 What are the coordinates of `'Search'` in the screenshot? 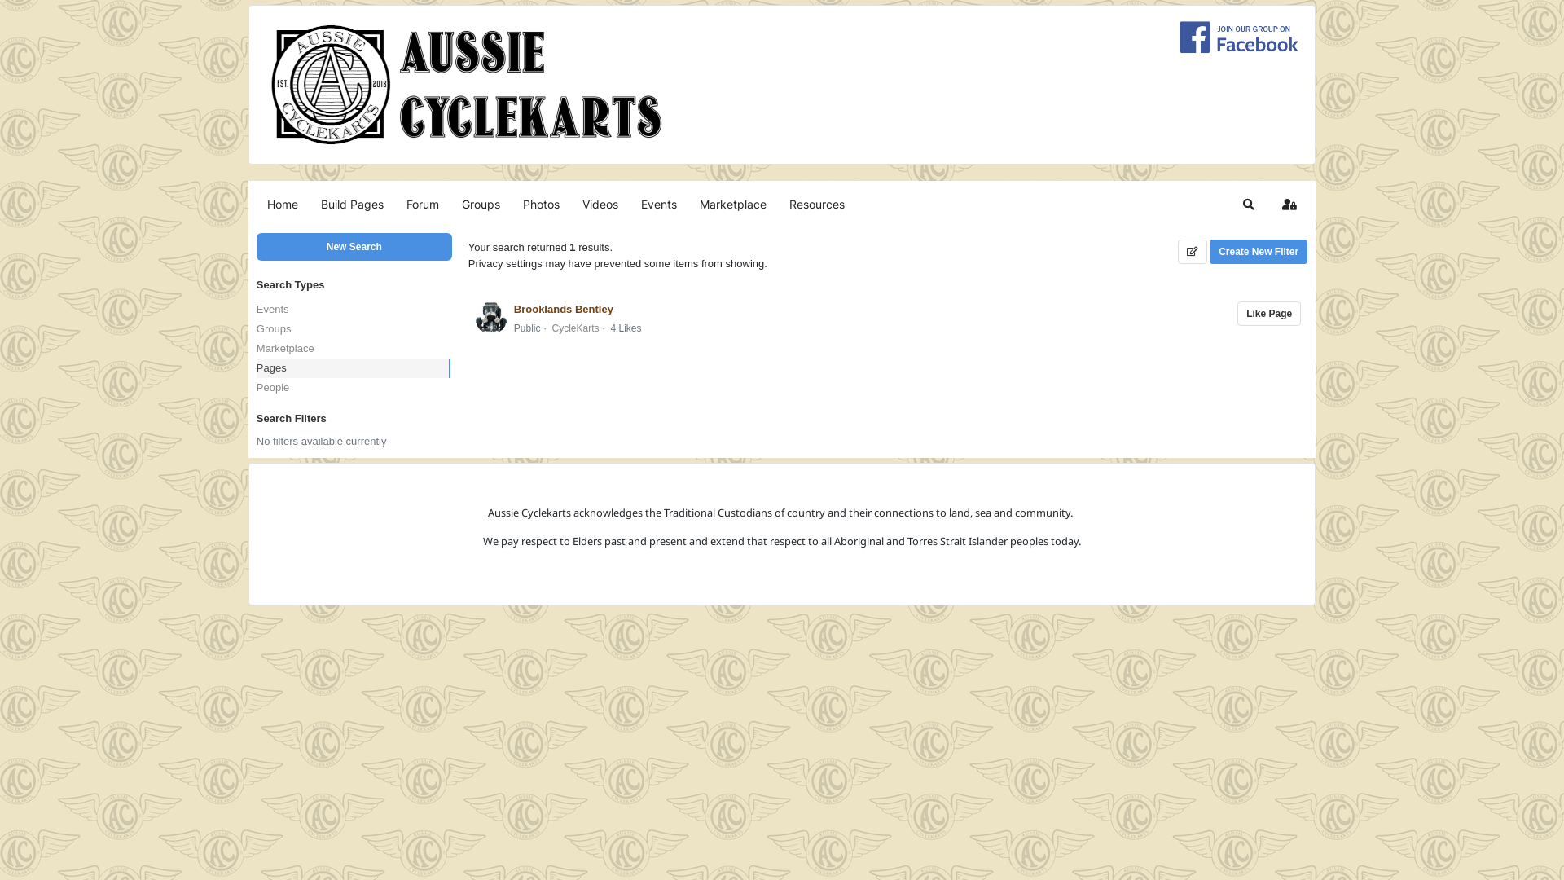 It's located at (1247, 203).